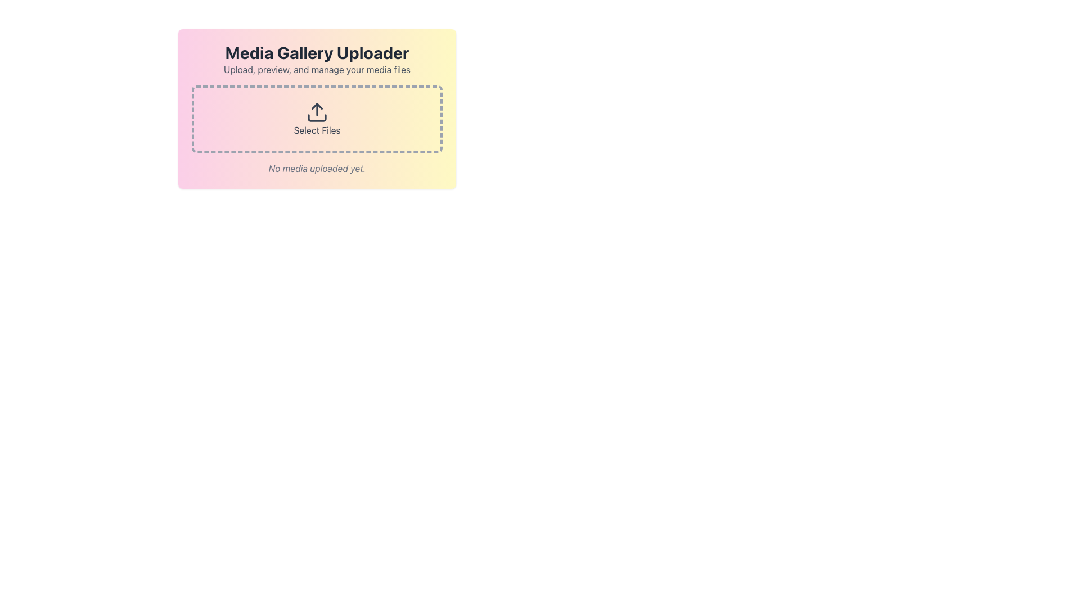  I want to click on text from the Informative Header Section that serves as the title and description for the media gallery uploader, so click(317, 59).